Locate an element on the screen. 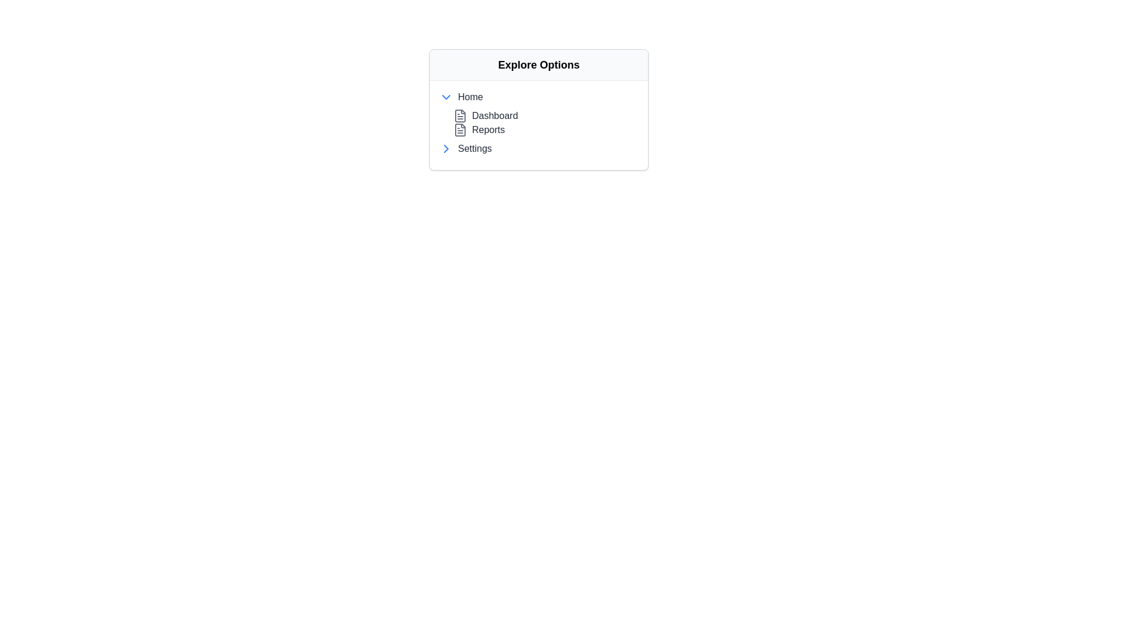  the document icon is located at coordinates (460, 130).